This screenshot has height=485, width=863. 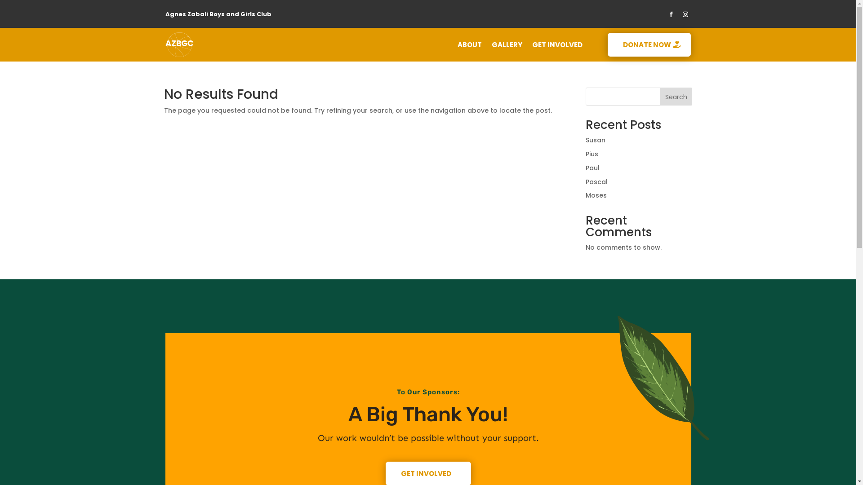 What do you see at coordinates (595, 140) in the screenshot?
I see `'Susan'` at bounding box center [595, 140].